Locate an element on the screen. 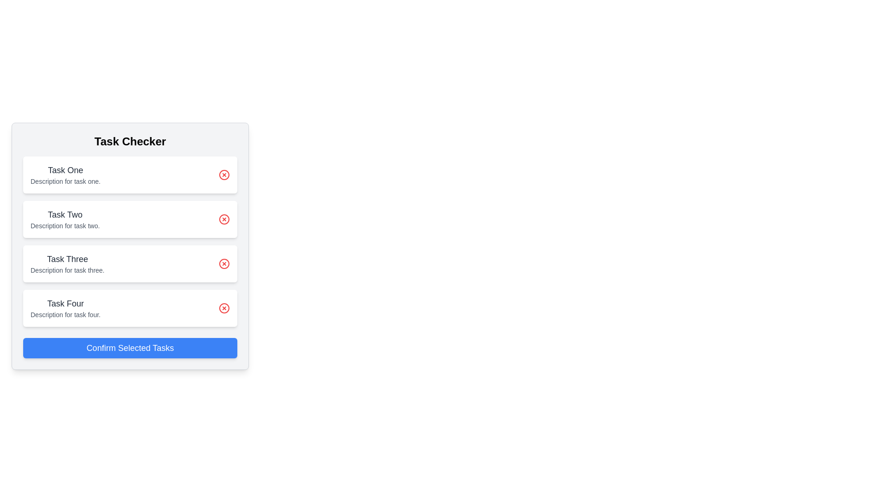  the delete icon located at the top-right corner of the first task item titled 'Task One' is located at coordinates (224, 175).